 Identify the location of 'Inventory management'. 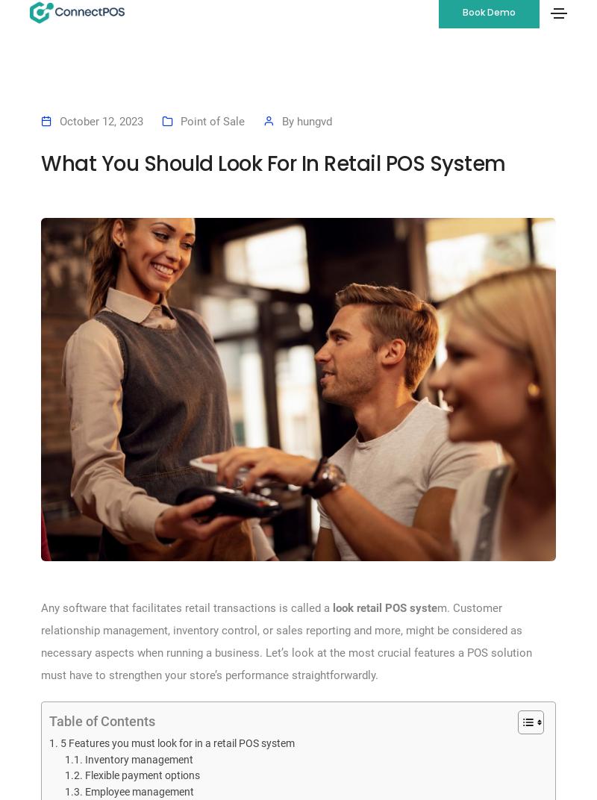
(84, 759).